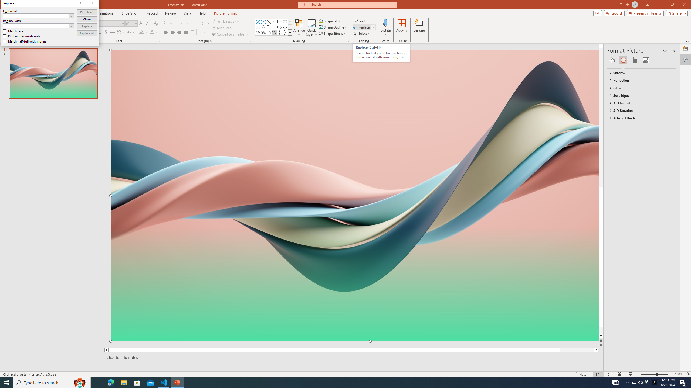 The height and width of the screenshot is (388, 691). I want to click on 'Close', so click(87, 19).